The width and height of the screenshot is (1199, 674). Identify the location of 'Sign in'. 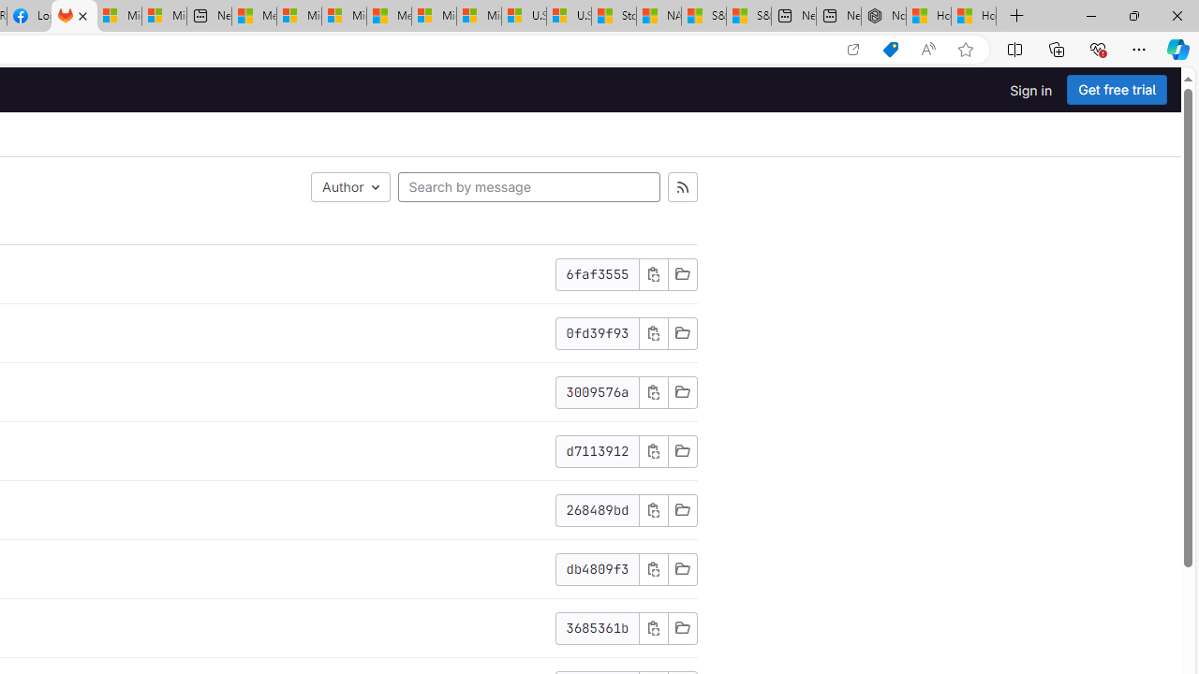
(1029, 90).